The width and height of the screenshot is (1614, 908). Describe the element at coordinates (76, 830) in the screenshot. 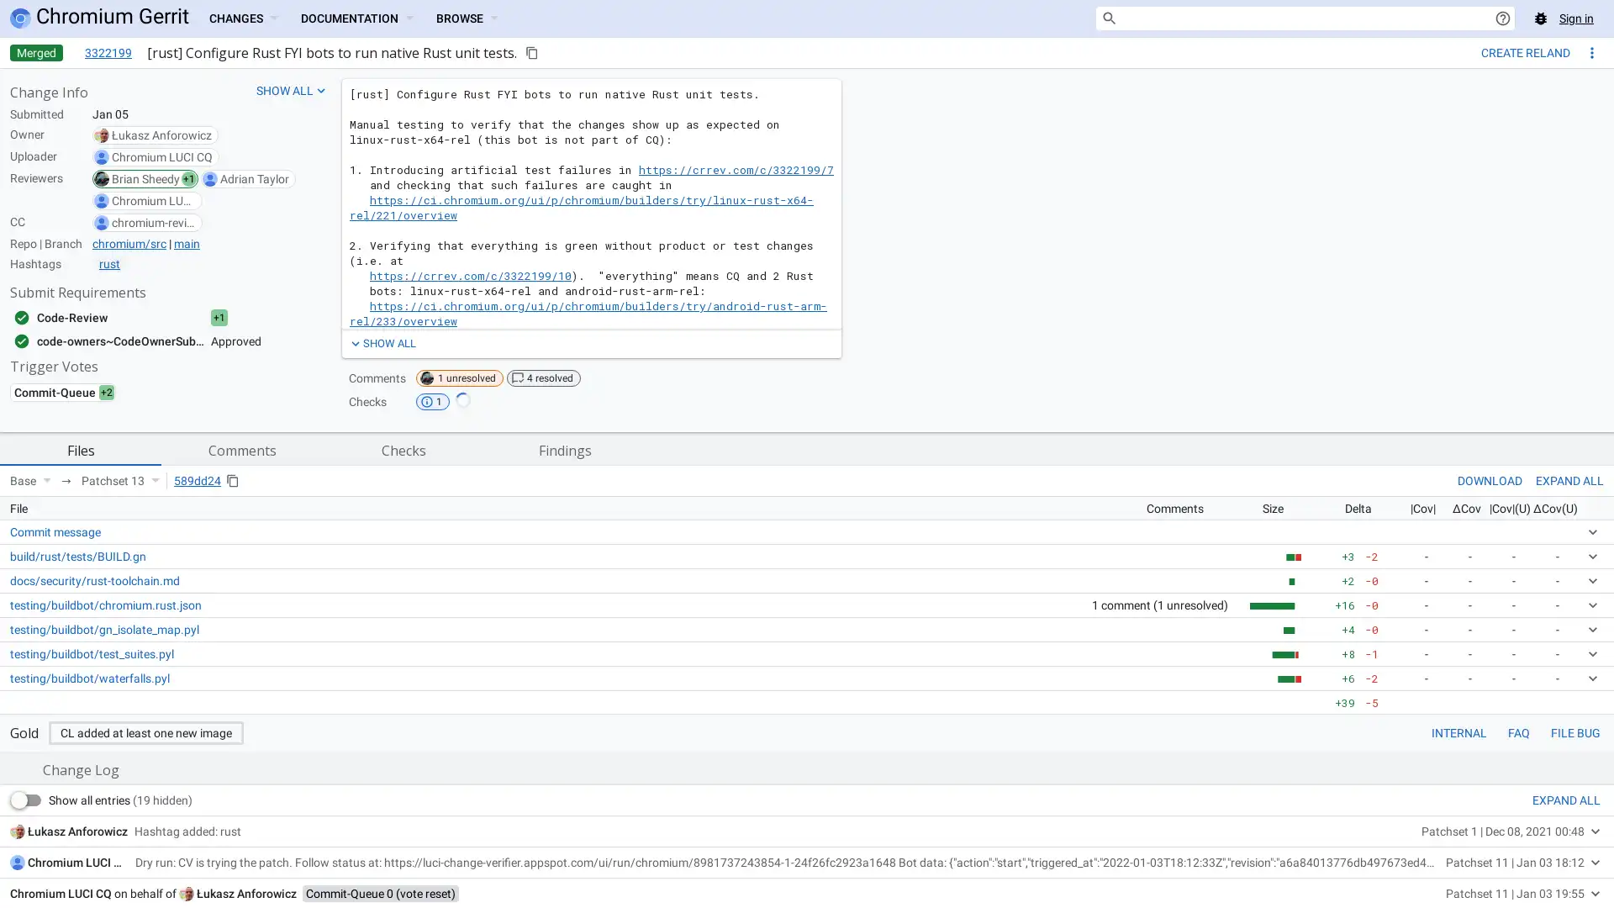

I see `ukasz Anforowicz` at that location.